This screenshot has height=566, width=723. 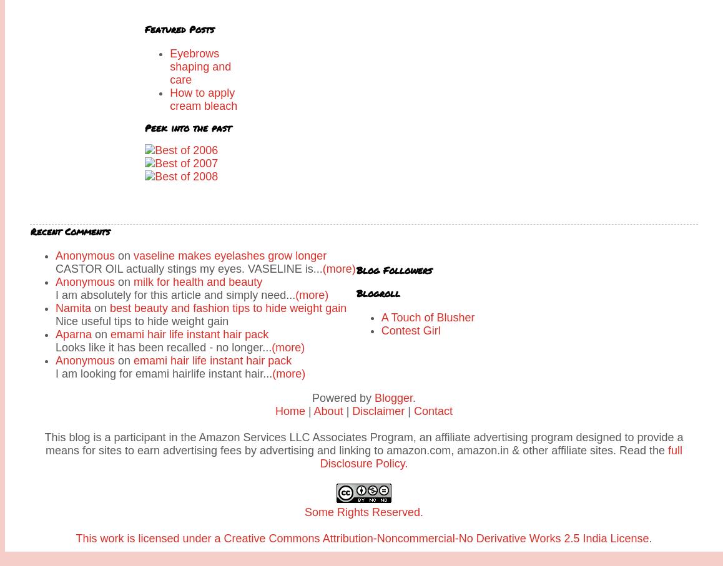 I want to click on 'Pankajakasthuri Kasthuri Herbal Soap review', so click(x=94, y=340).